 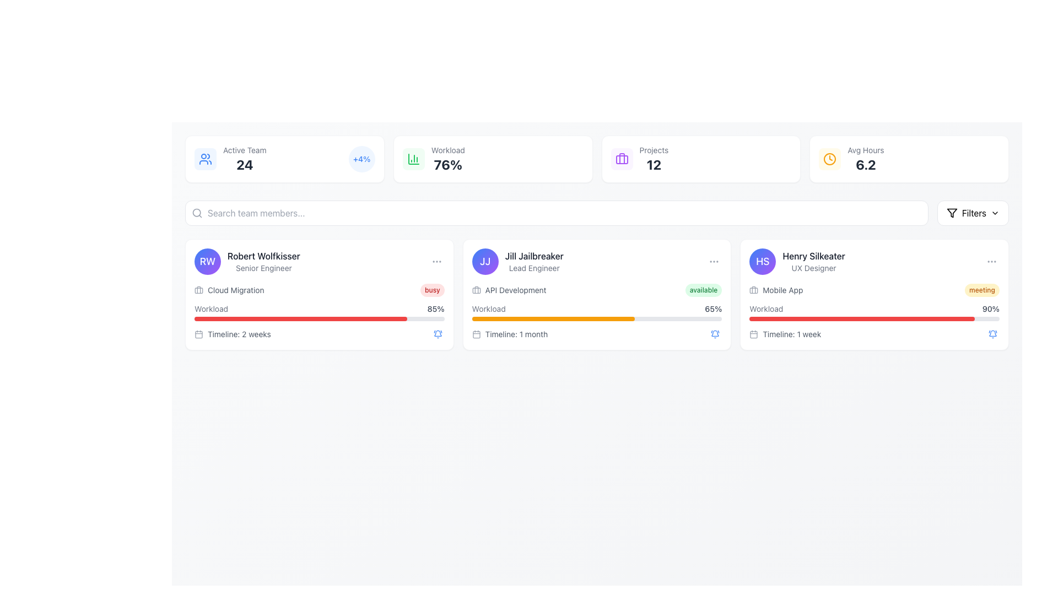 I want to click on the label component that indicates the current project or task associated with the user, located, so click(x=229, y=290).